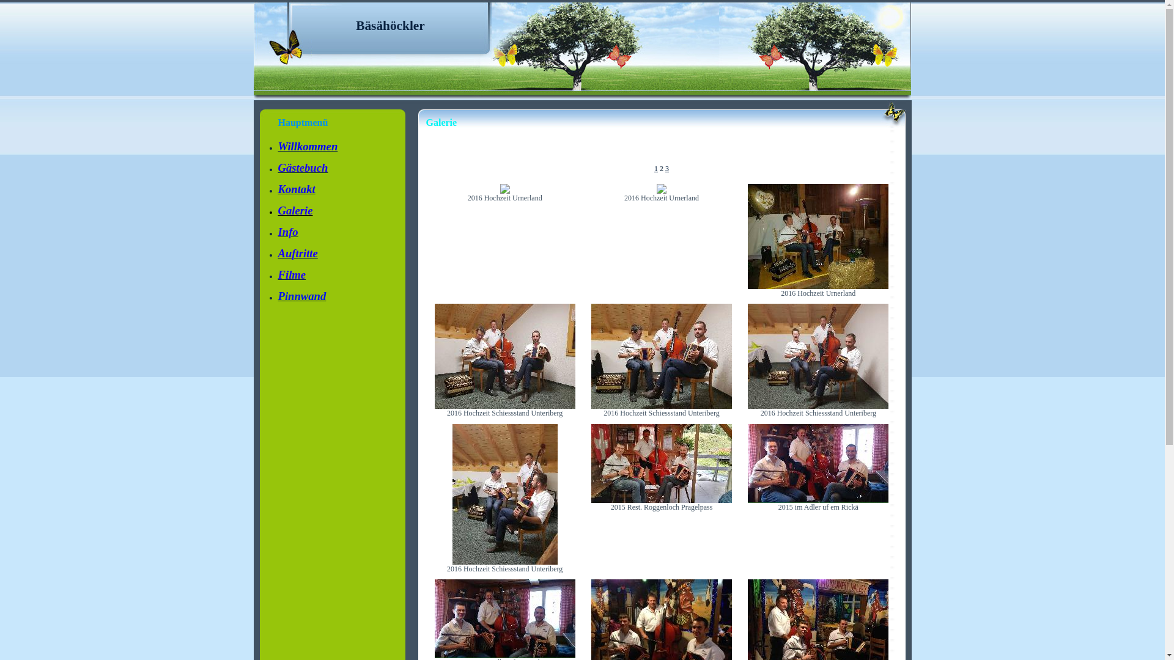 The height and width of the screenshot is (660, 1174). Describe the element at coordinates (287, 233) in the screenshot. I see `'Info'` at that location.